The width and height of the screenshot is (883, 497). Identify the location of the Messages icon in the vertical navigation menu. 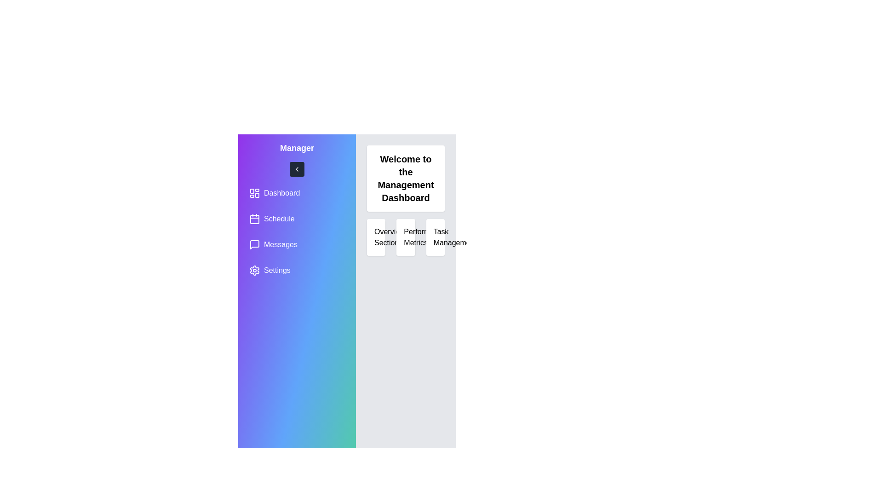
(254, 244).